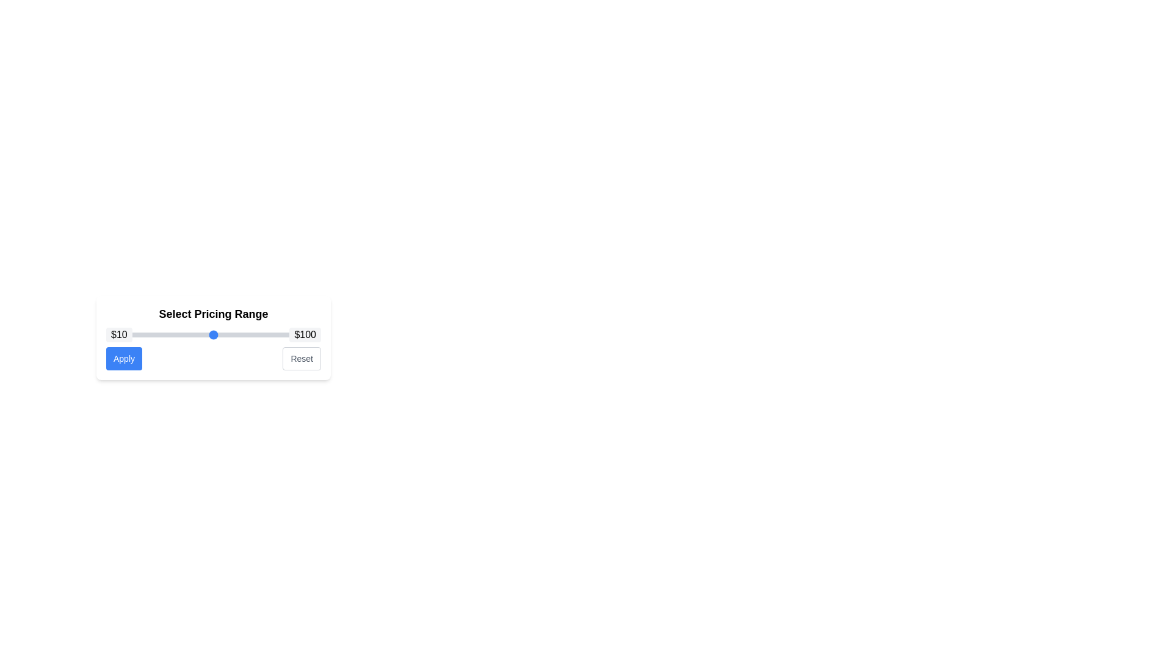 The height and width of the screenshot is (659, 1172). Describe the element at coordinates (275, 334) in the screenshot. I see `price slider` at that location.